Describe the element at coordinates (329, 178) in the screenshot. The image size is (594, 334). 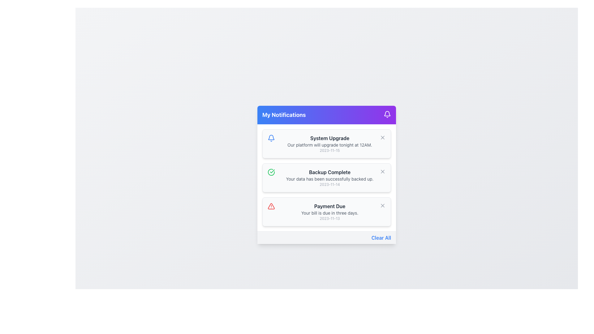
I see `the Text-based Notification Block displaying 'Backup Complete', 'Your data has been successfully backed up.', and the date '2023-11-14'` at that location.